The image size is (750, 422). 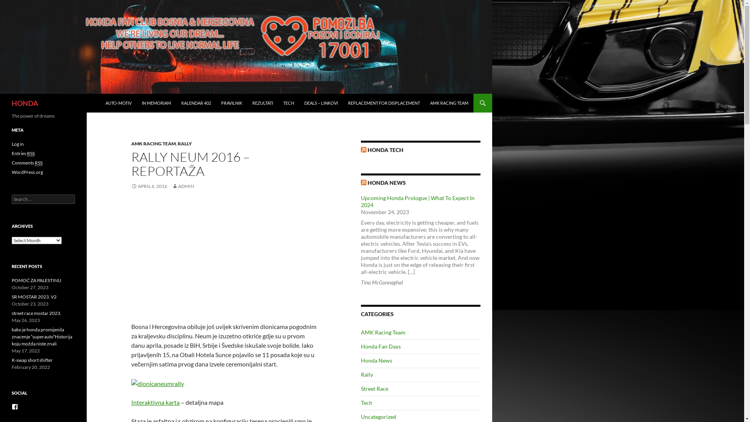 I want to click on 'HONDA', so click(x=25, y=102).